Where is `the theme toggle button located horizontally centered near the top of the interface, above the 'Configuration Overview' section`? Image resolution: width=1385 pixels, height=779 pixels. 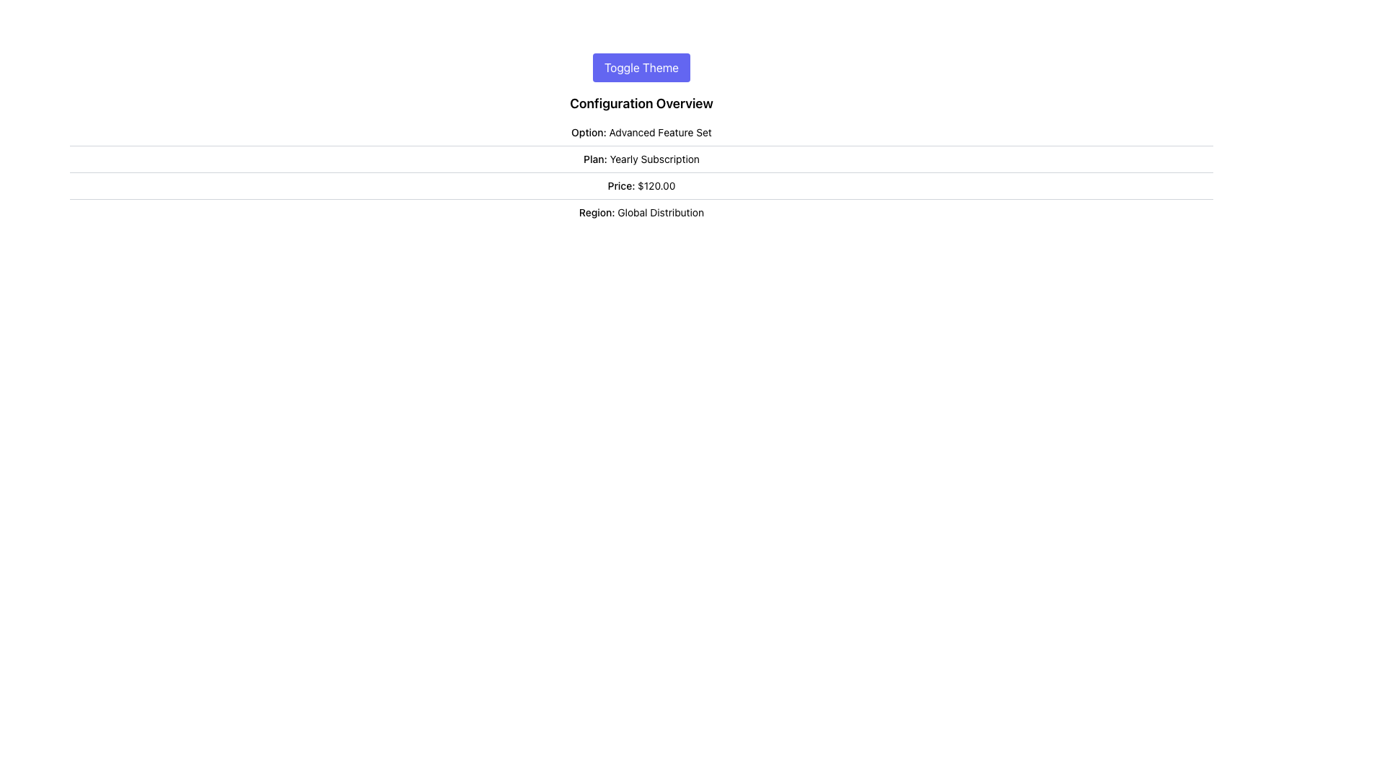
the theme toggle button located horizontally centered near the top of the interface, above the 'Configuration Overview' section is located at coordinates (641, 67).